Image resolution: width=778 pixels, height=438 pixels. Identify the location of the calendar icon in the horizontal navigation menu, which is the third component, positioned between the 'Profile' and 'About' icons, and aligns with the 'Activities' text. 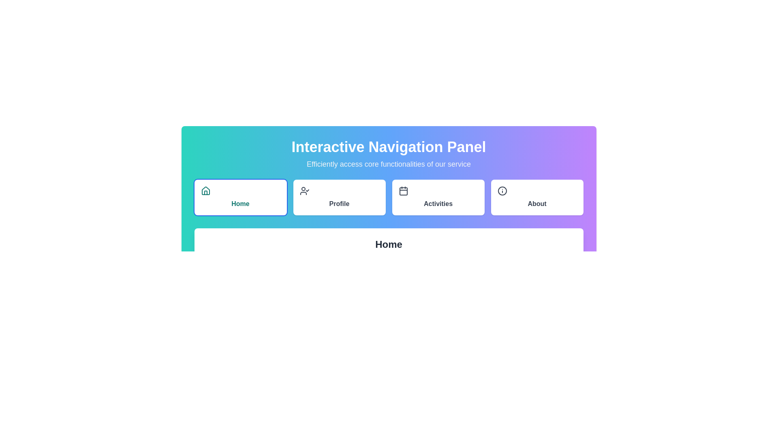
(403, 191).